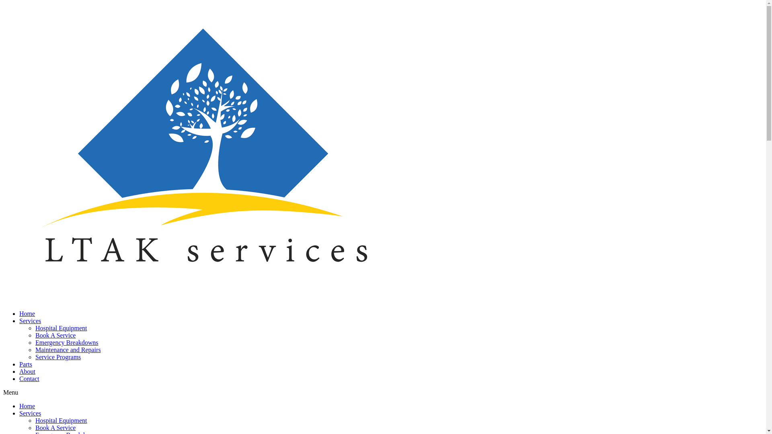 Image resolution: width=772 pixels, height=434 pixels. What do you see at coordinates (35, 342) in the screenshot?
I see `'Emergency Breakdowns'` at bounding box center [35, 342].